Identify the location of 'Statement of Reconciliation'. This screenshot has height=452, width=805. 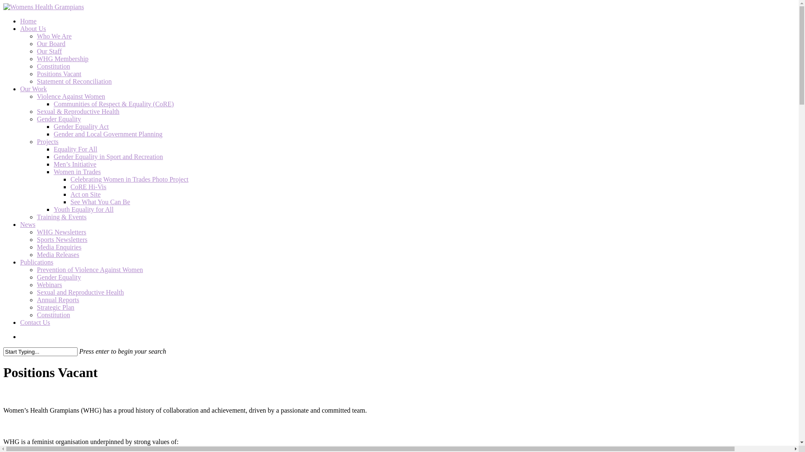
(36, 81).